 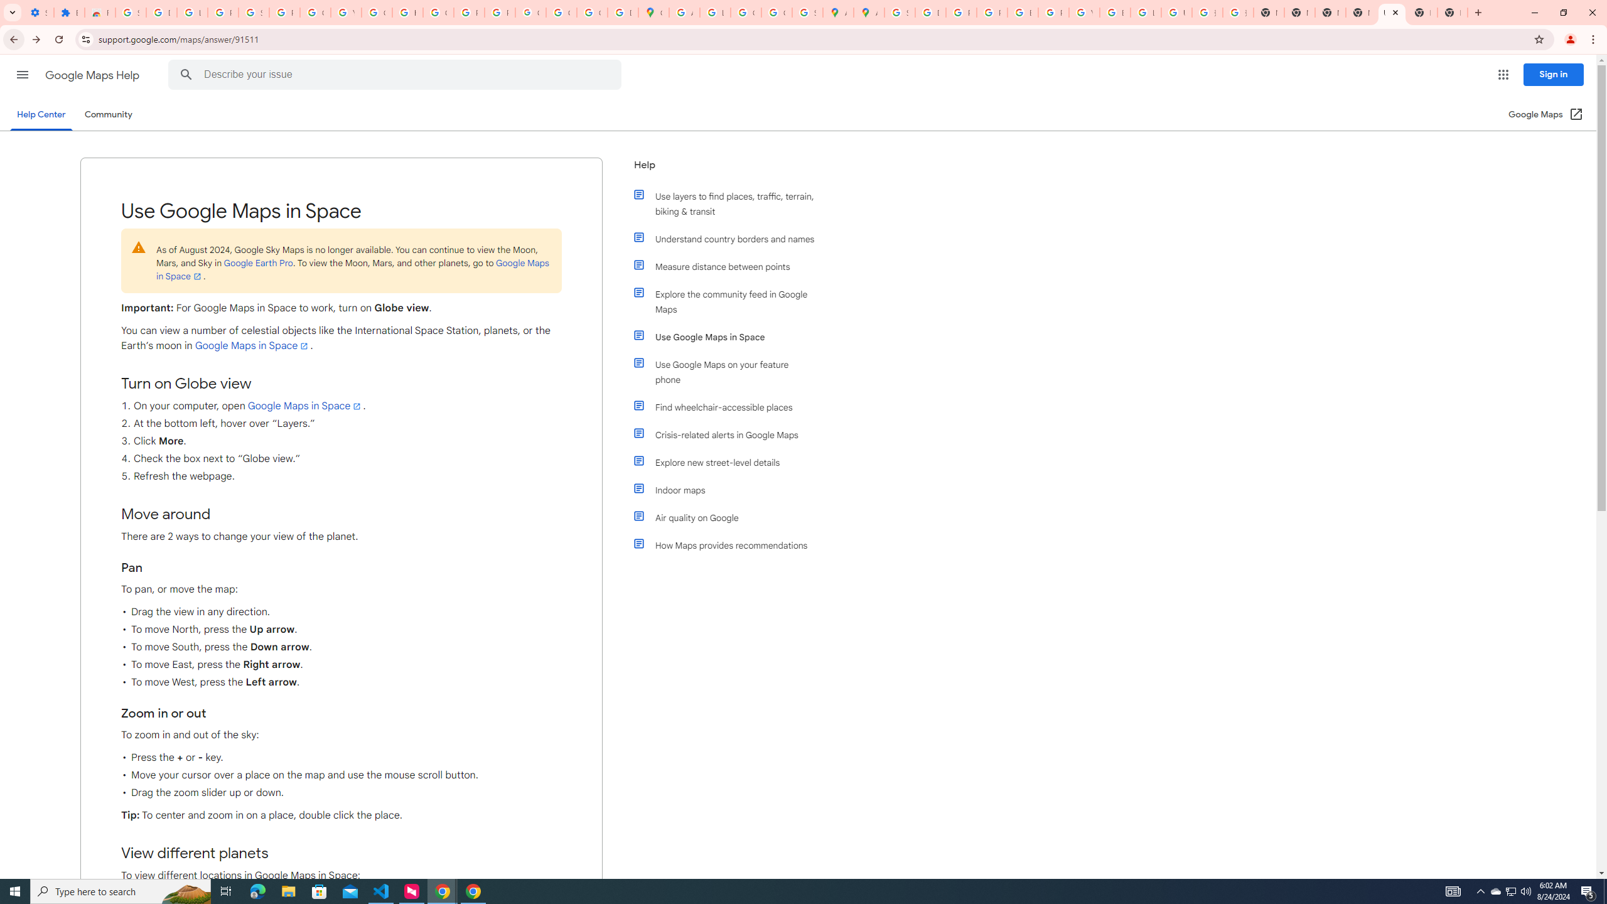 I want to click on 'Create your Google Account', so click(x=744, y=12).